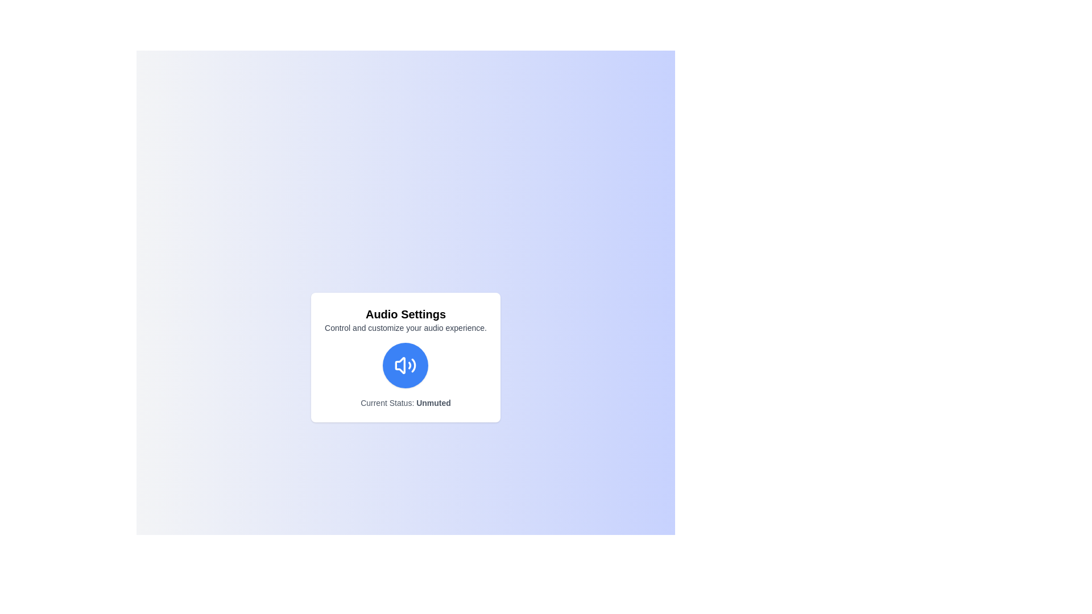 The height and width of the screenshot is (614, 1092). What do you see at coordinates (406, 366) in the screenshot?
I see `the central button to toggle the audio mute/unmute state` at bounding box center [406, 366].